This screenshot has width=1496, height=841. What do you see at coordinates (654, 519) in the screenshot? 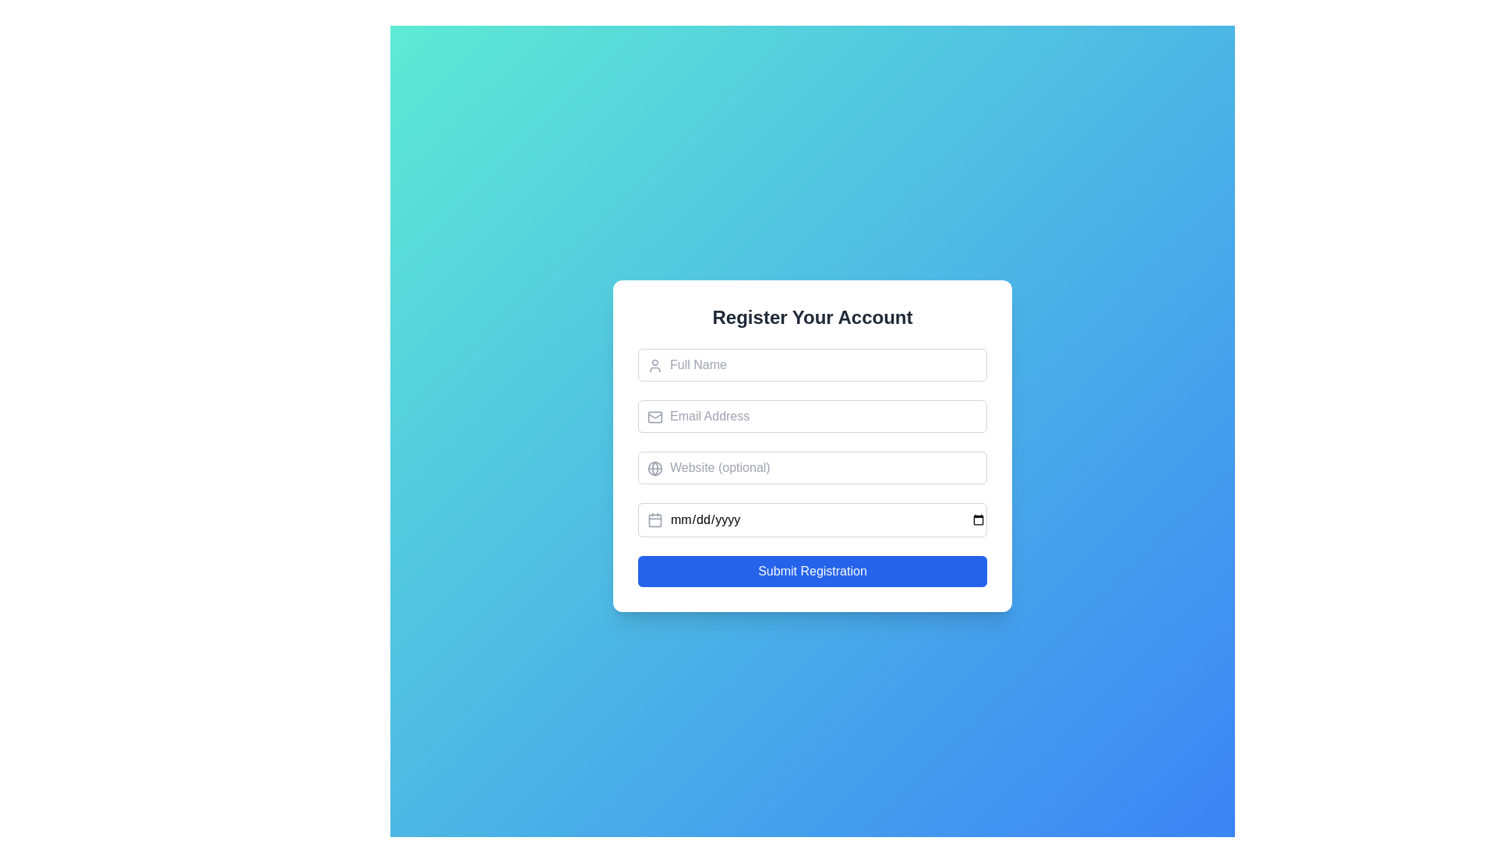
I see `the SVG rectangle component of the calendar icon that is located next to the date input field in the registration form` at bounding box center [654, 519].